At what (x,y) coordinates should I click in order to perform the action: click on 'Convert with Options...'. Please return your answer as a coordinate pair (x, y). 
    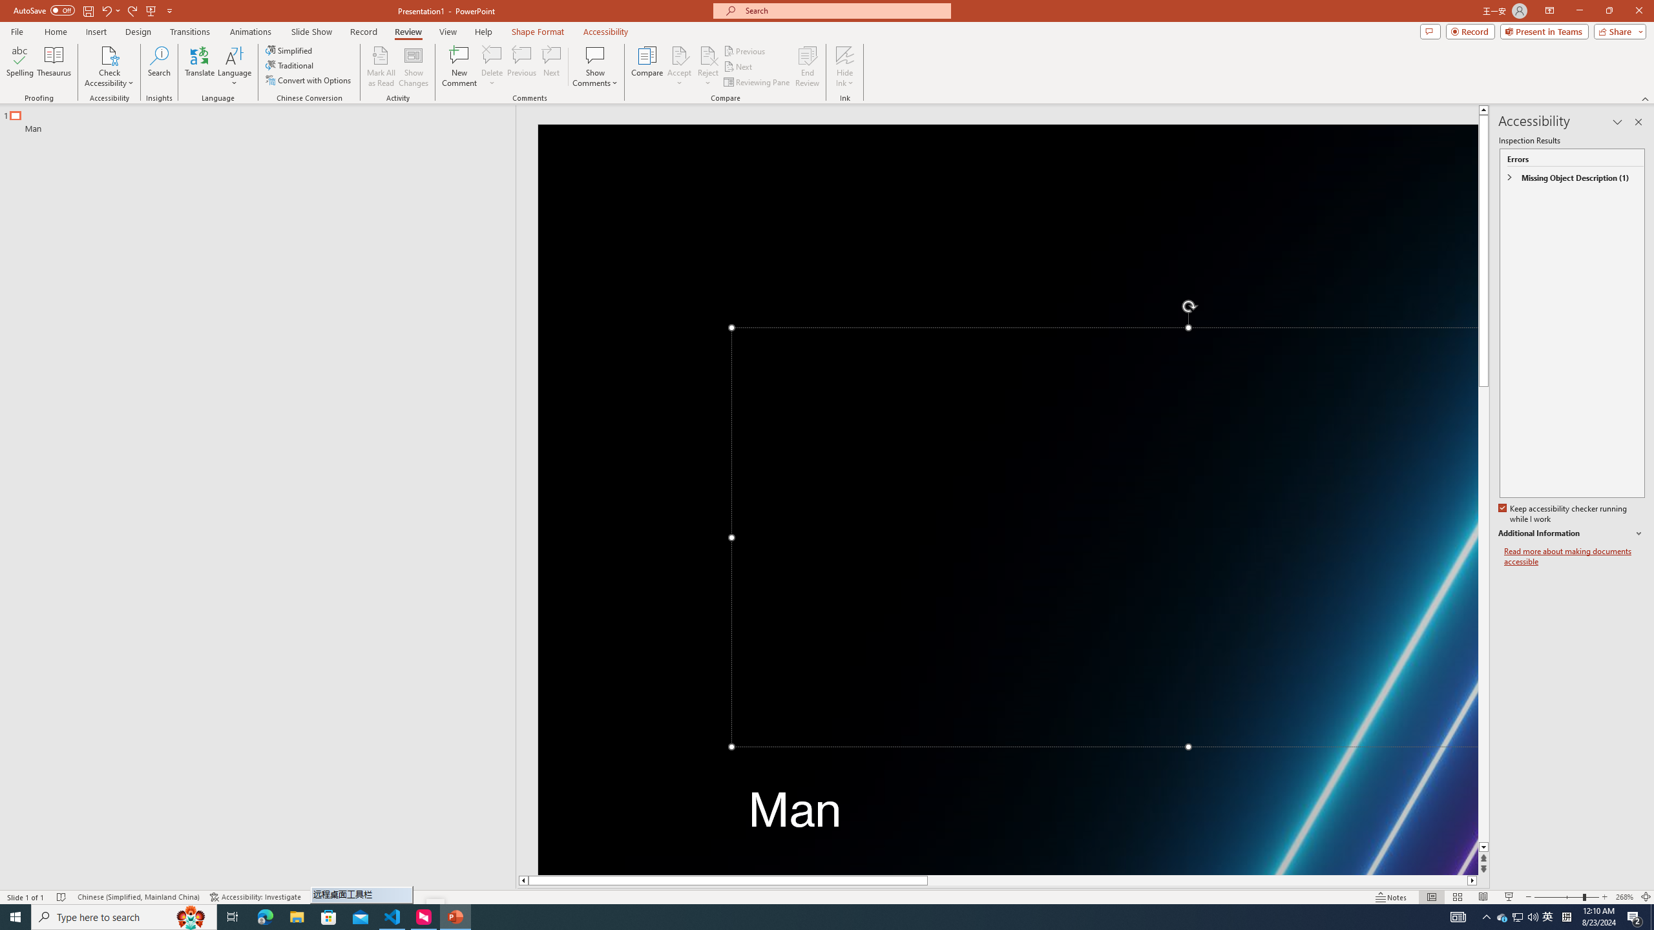
    Looking at the image, I should click on (308, 79).